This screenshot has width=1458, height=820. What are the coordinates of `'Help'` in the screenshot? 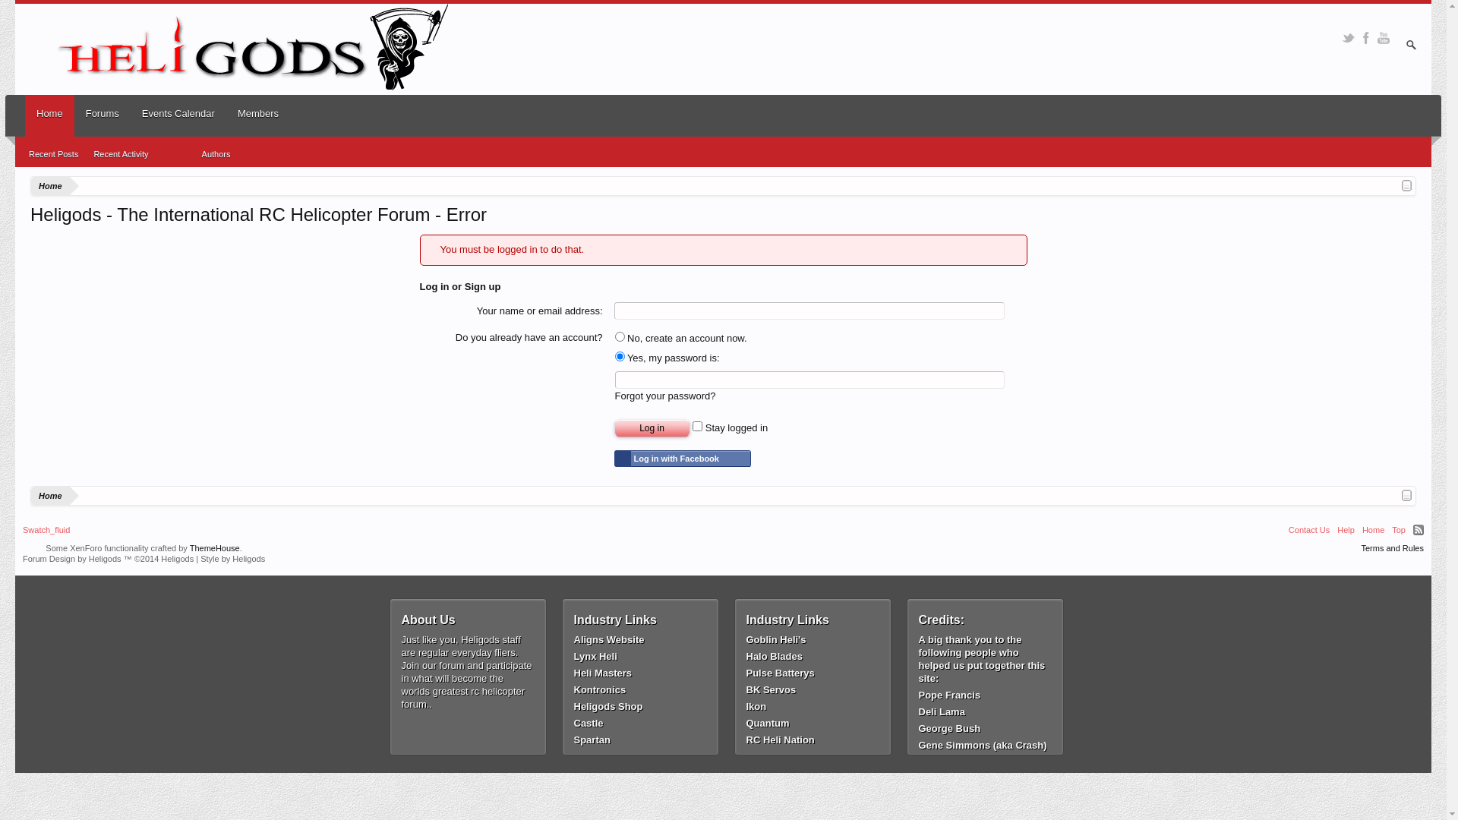 It's located at (1346, 529).